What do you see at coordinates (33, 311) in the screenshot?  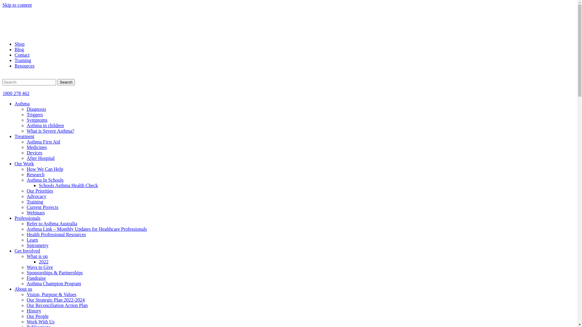 I see `'History'` at bounding box center [33, 311].